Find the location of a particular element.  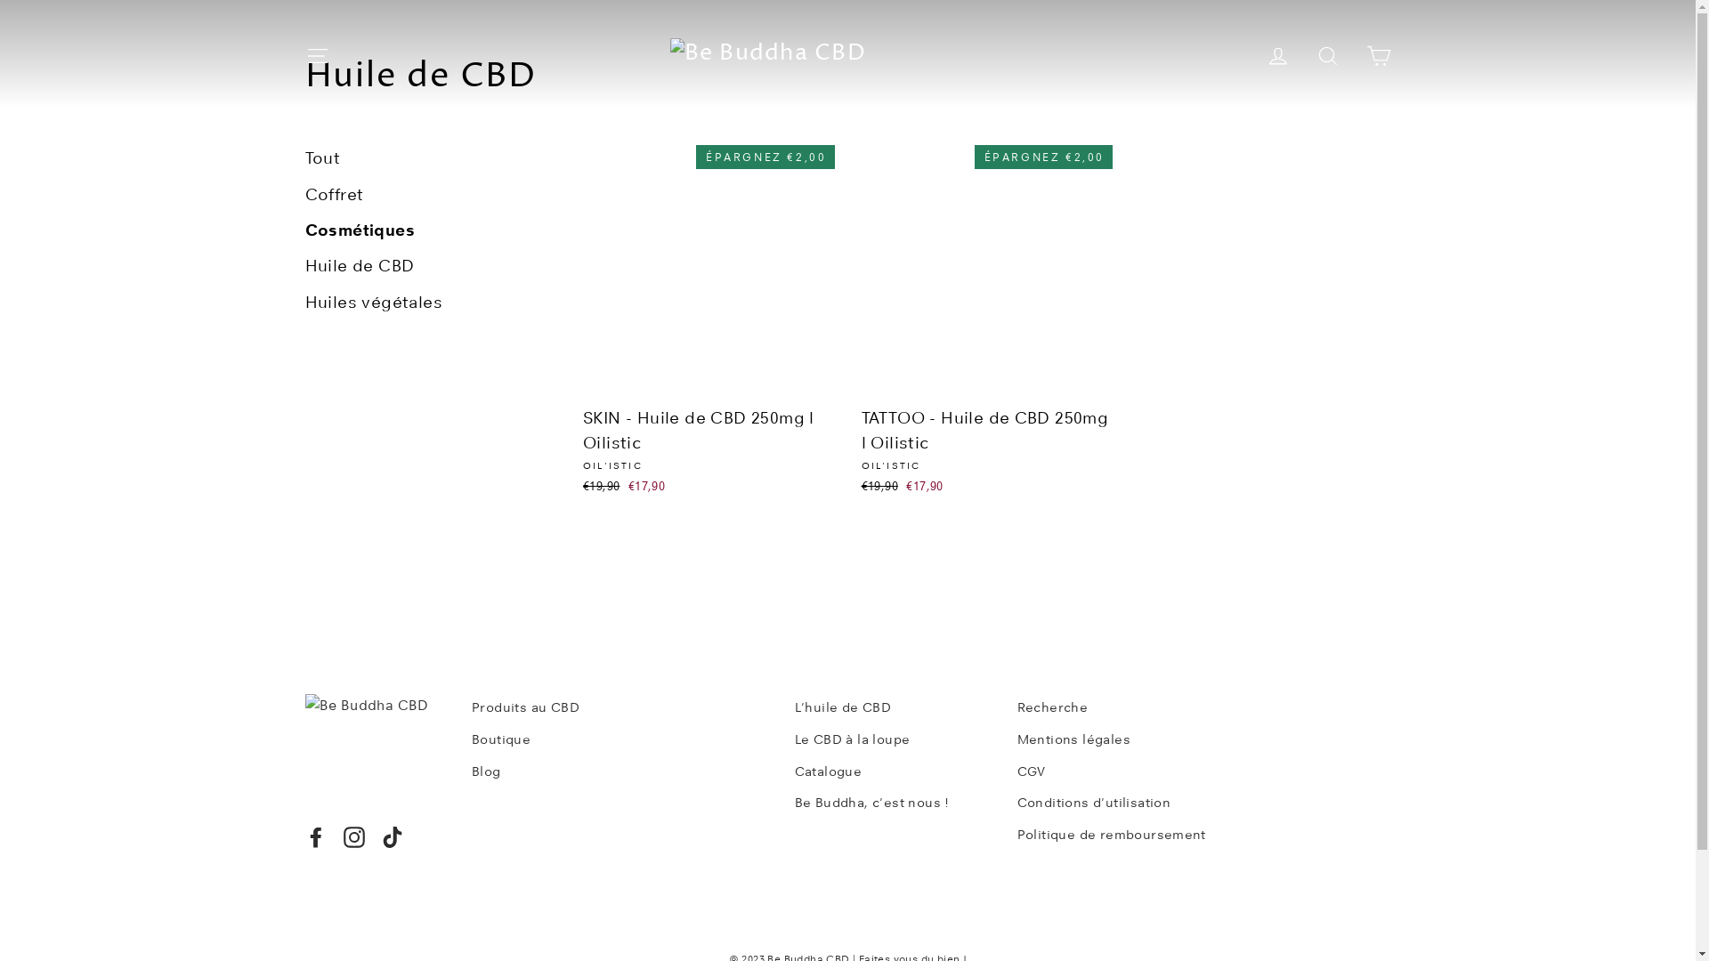

'Tout' is located at coordinates (304, 157).